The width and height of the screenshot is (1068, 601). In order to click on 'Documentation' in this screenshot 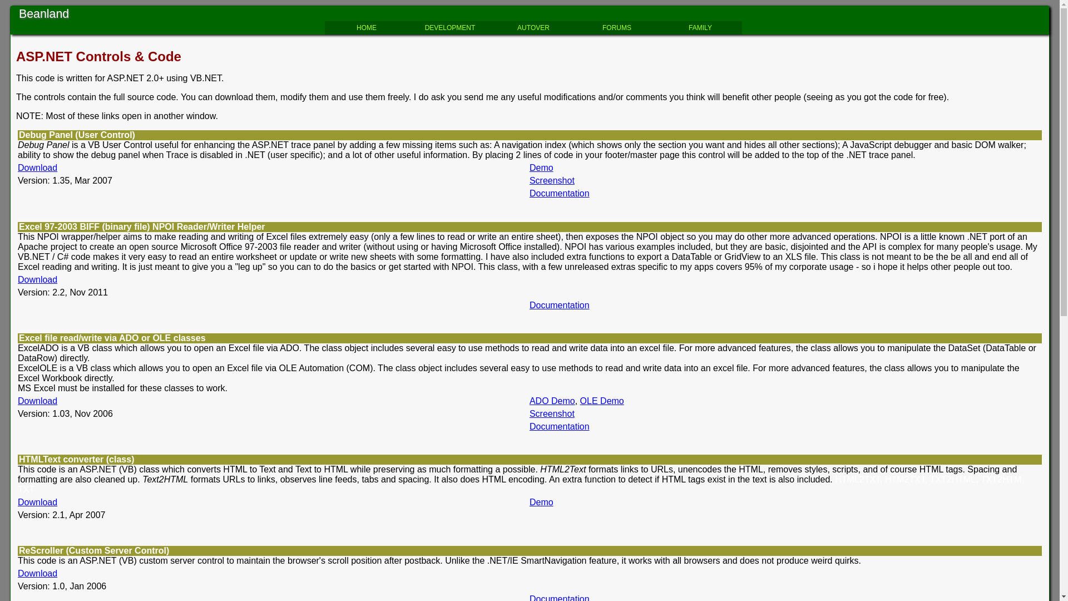, I will do `click(528, 426)`.